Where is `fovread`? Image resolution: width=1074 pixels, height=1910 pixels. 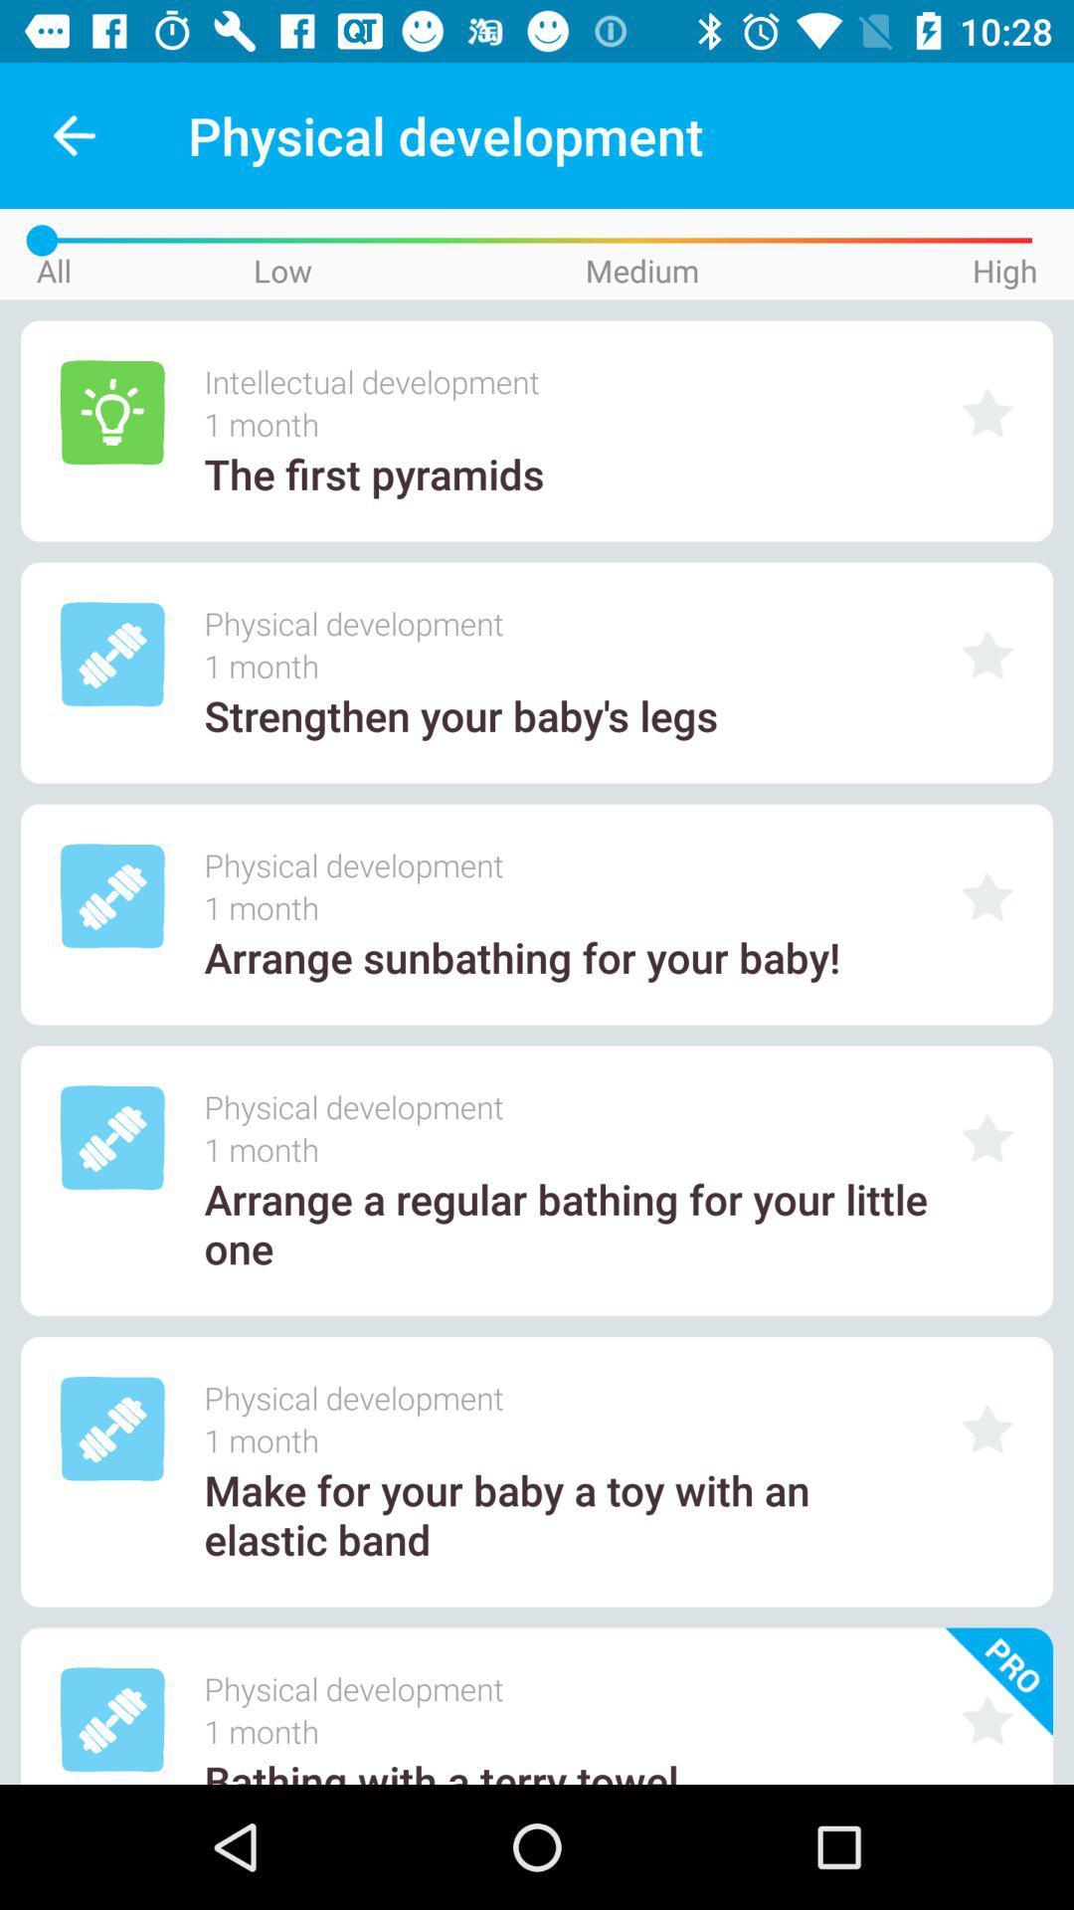 fovread is located at coordinates (987, 412).